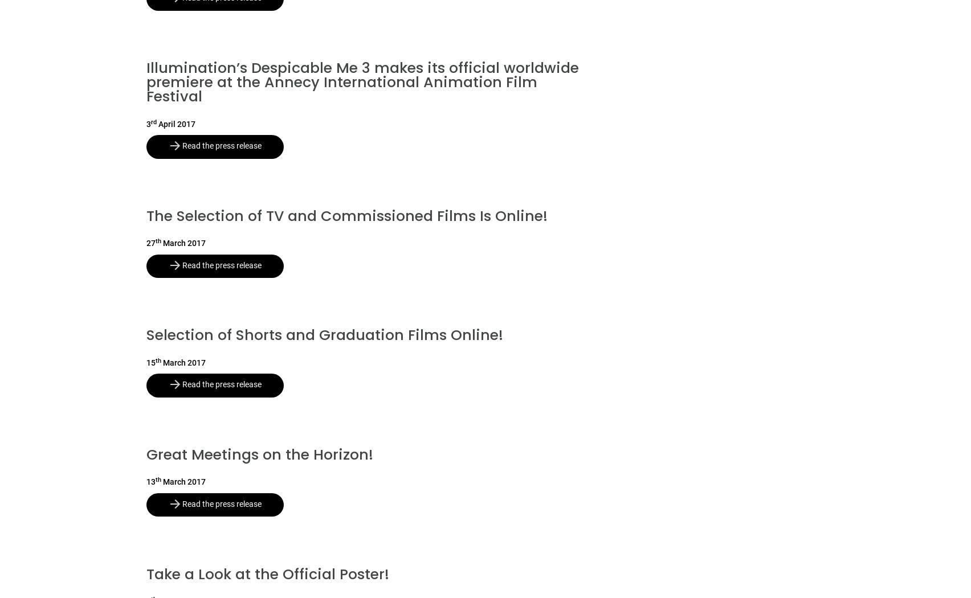 This screenshot has width=971, height=598. I want to click on '27', so click(150, 243).